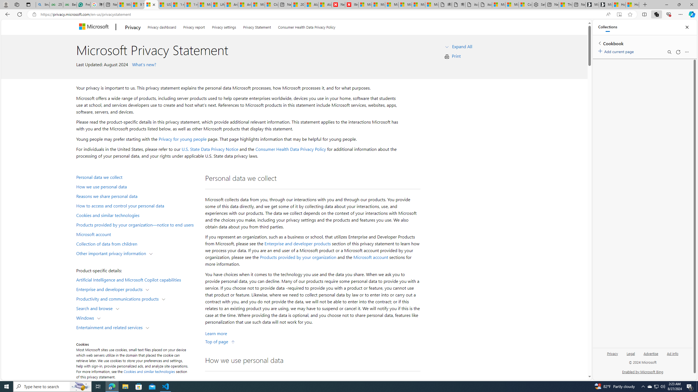 This screenshot has width=698, height=392. I want to click on 'Entertainment and related services', so click(110, 327).